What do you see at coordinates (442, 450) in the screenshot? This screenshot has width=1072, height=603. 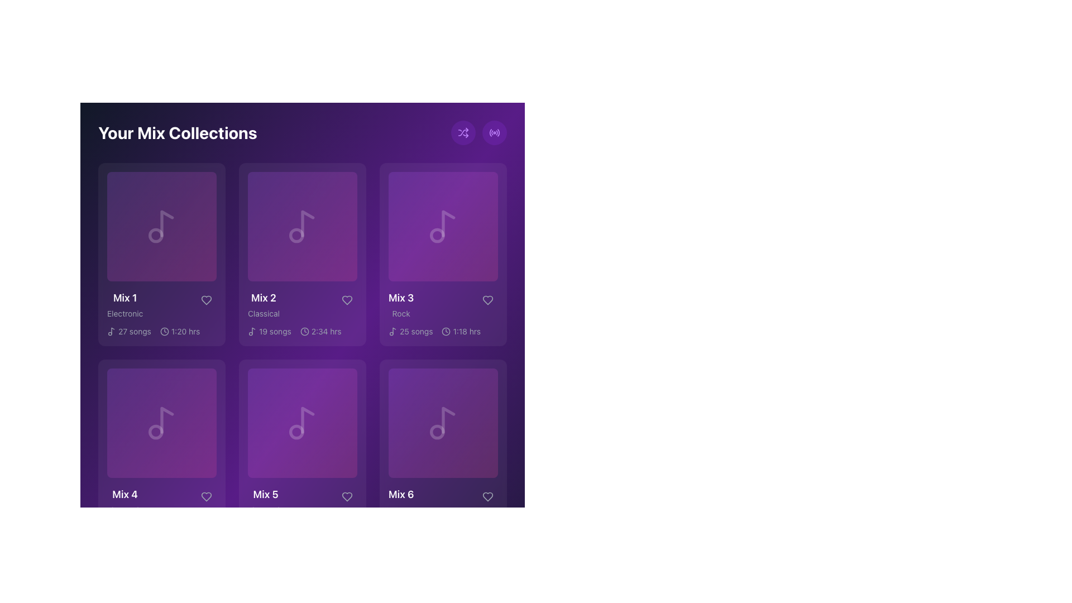 I see `the 'Mix 6' music playlist card located` at bounding box center [442, 450].